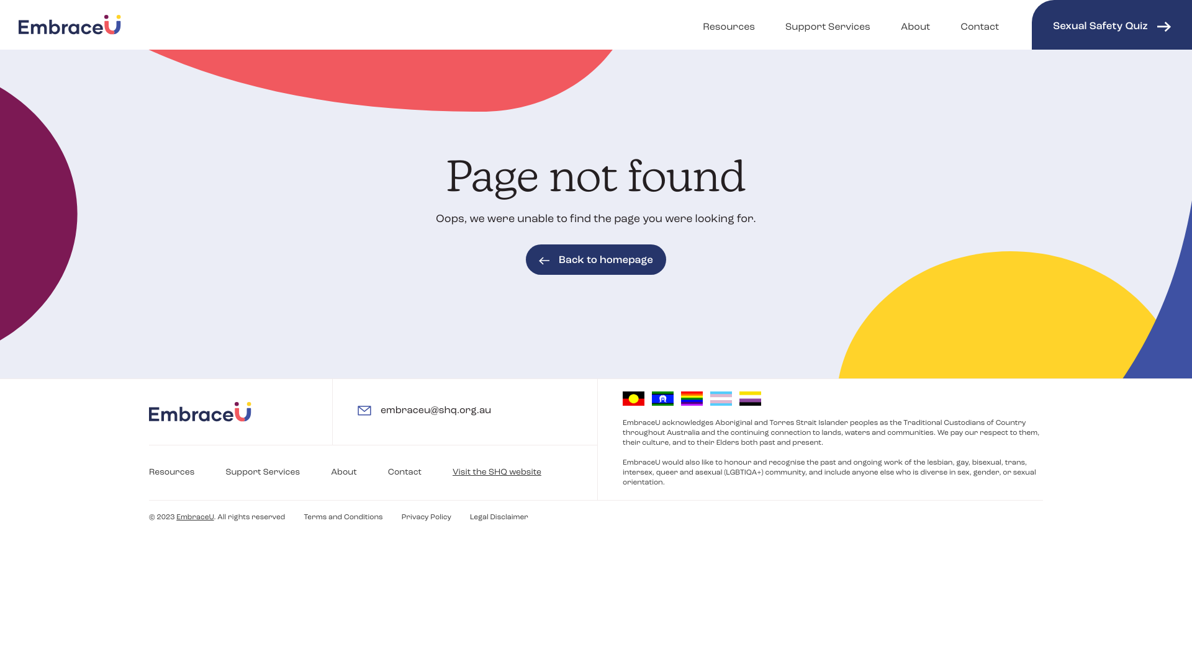 The height and width of the screenshot is (670, 1192). Describe the element at coordinates (828, 24) in the screenshot. I see `'Support Services'` at that location.